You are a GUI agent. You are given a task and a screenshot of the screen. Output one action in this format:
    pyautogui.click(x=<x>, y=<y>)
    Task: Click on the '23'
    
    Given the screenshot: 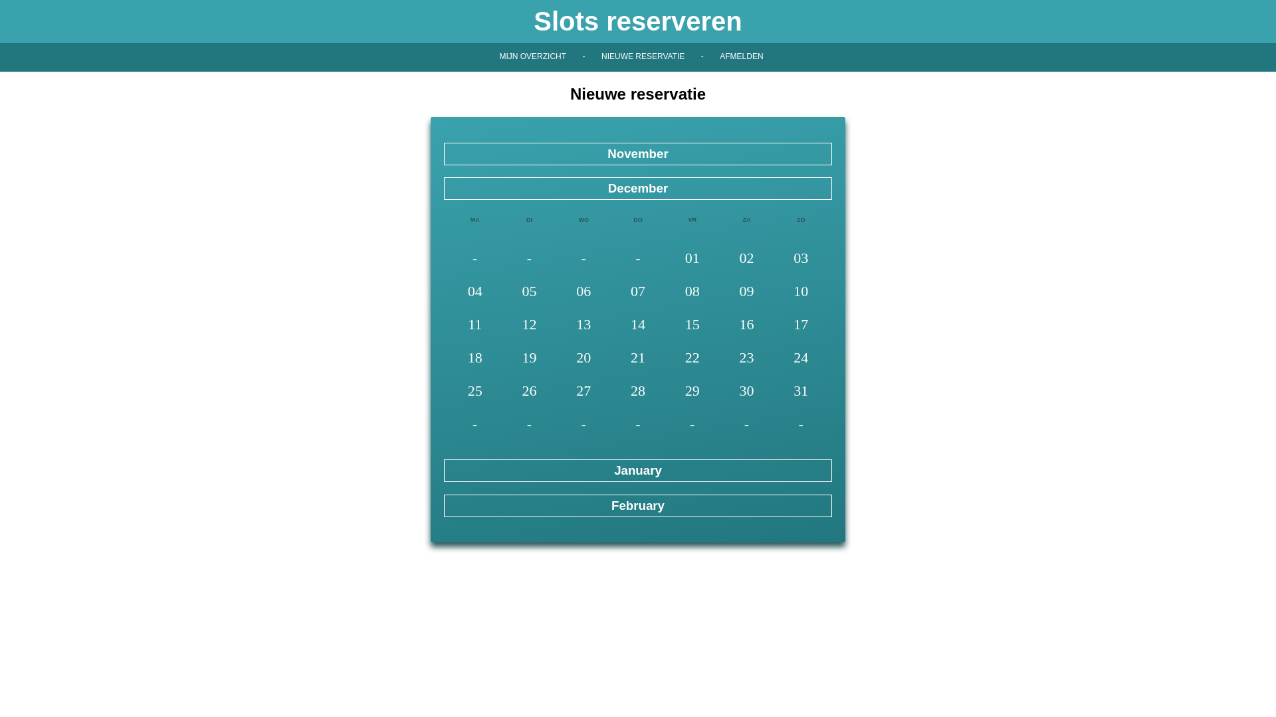 What is the action you would take?
    pyautogui.click(x=746, y=358)
    